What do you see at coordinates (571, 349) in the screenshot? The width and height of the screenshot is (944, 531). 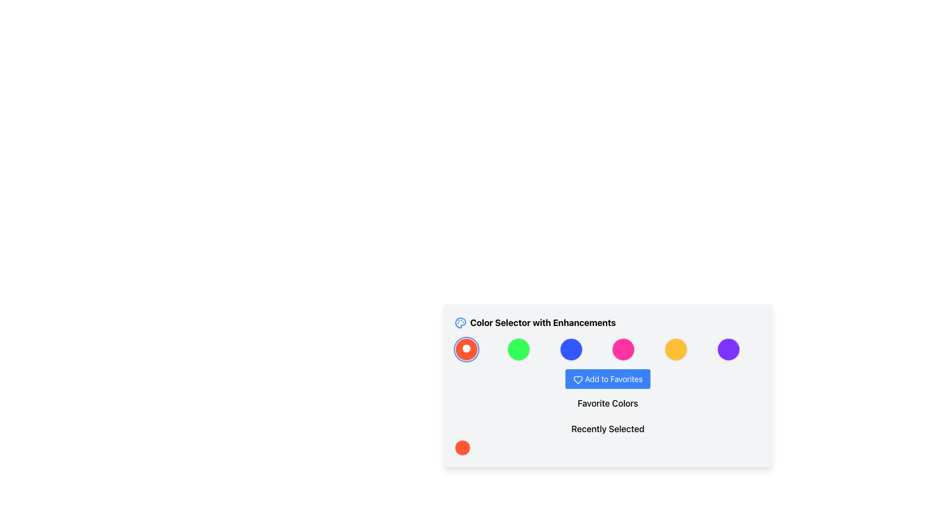 I see `the blue circular button located in the third position of a horizontal row of six buttons` at bounding box center [571, 349].